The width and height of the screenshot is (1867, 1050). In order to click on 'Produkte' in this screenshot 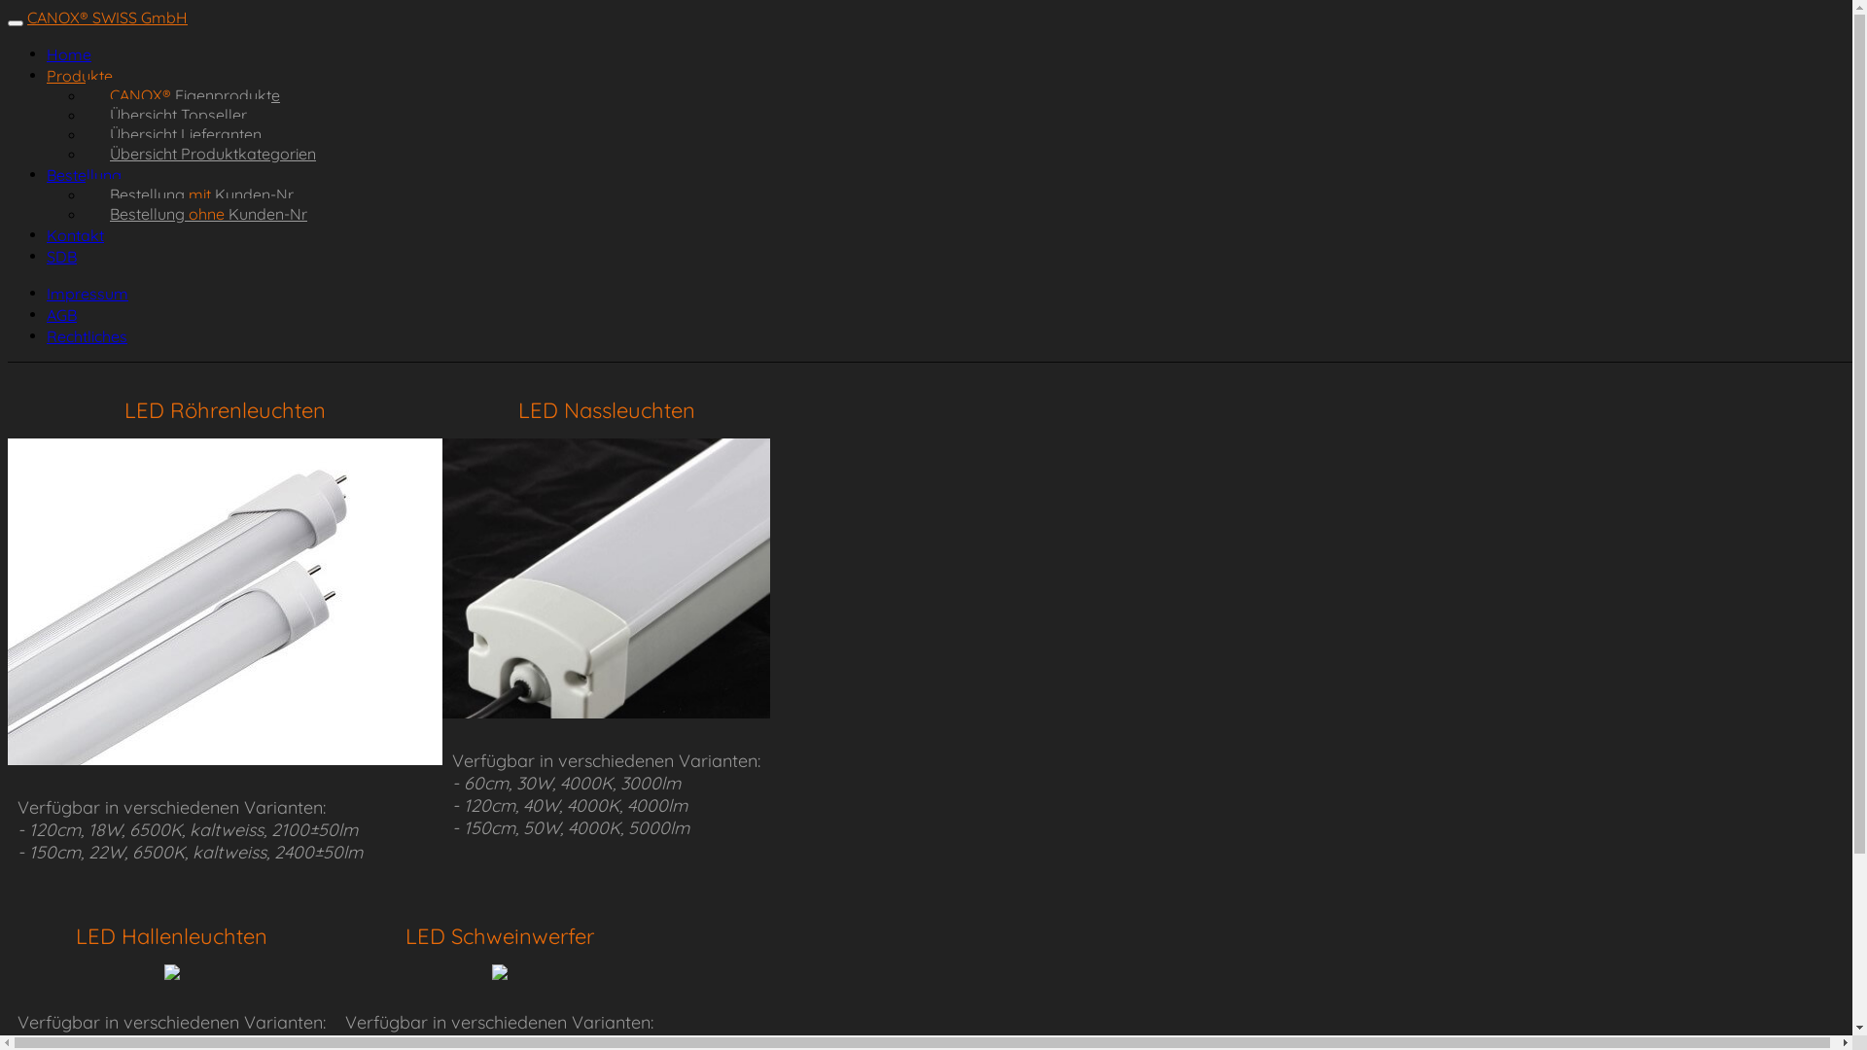, I will do `click(47, 74)`.